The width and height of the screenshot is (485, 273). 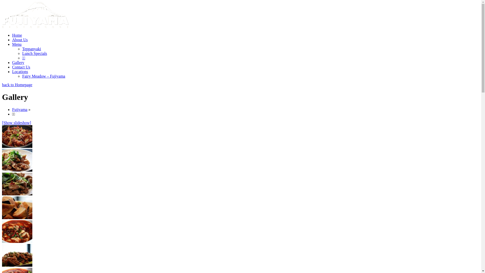 I want to click on 'Eggplant-with-Spicy-Salt', so click(x=17, y=208).